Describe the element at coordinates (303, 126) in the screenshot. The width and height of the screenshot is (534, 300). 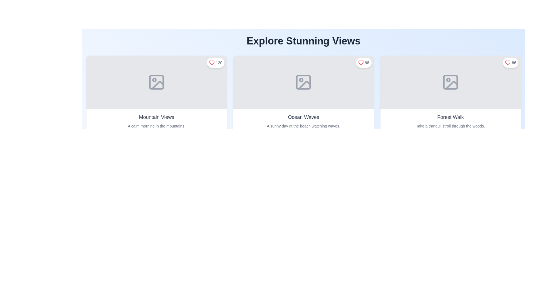
I see `text element displaying 'A sunny day at the beach watching waves.' located below the heading 'Ocean Waves' within the card layout` at that location.